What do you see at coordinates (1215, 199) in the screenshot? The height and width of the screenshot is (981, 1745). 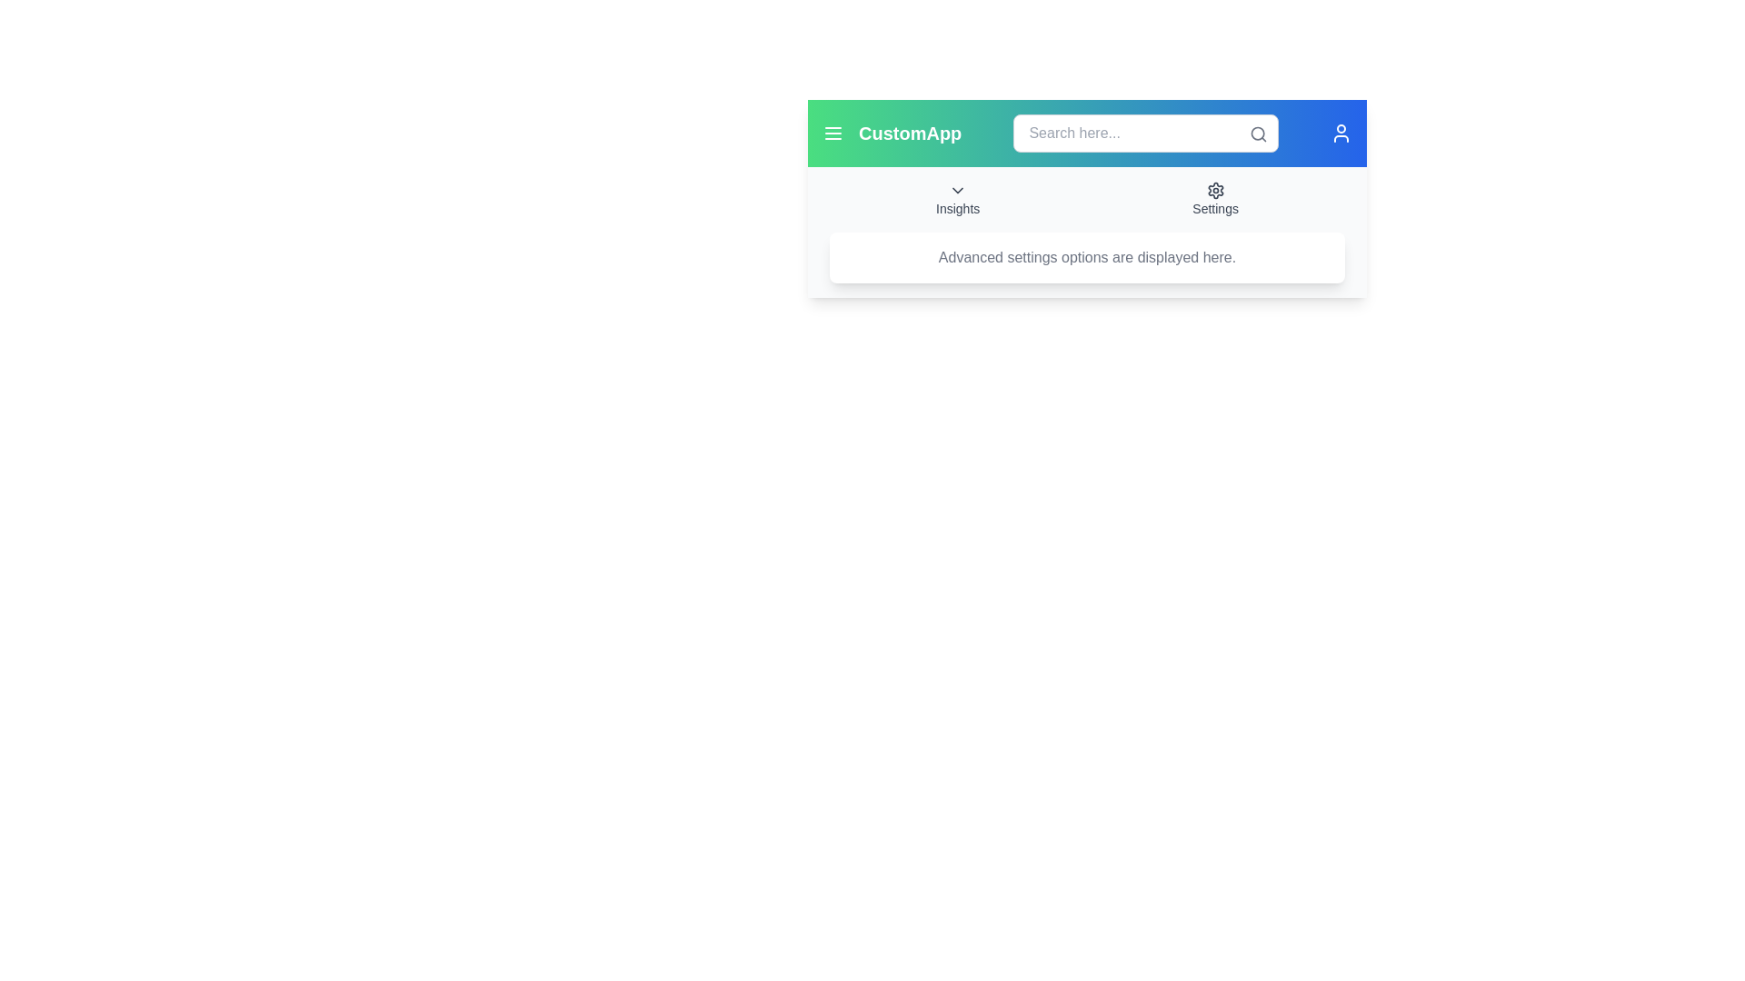 I see `the settings button located to the right of the 'Insights' element` at bounding box center [1215, 199].